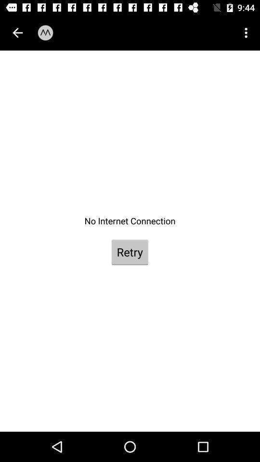 This screenshot has height=462, width=260. Describe the element at coordinates (130, 251) in the screenshot. I see `the retry item` at that location.